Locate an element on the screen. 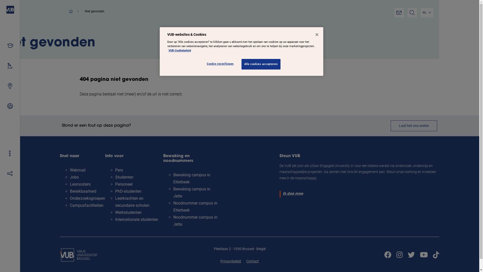 This screenshot has width=483, height=272. 'Personeel' is located at coordinates (124, 184).